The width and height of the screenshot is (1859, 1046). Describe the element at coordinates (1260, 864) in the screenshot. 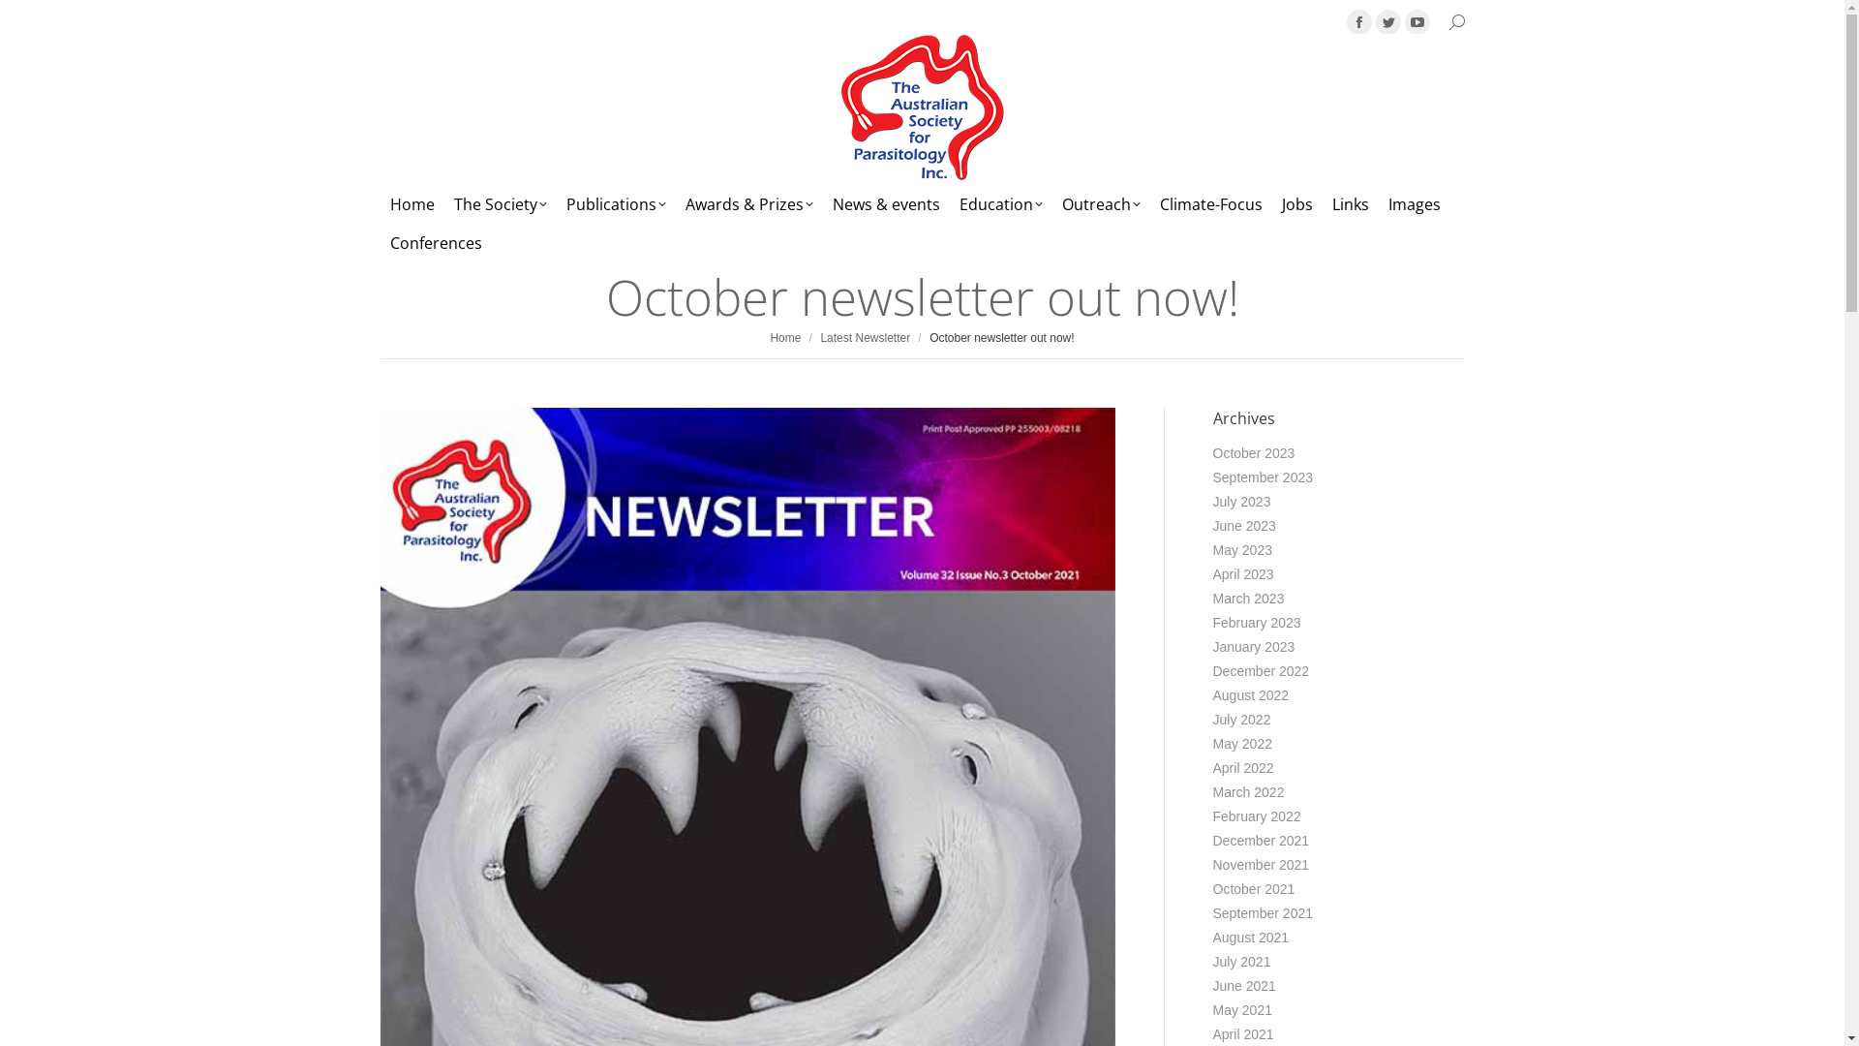

I see `'November 2021'` at that location.